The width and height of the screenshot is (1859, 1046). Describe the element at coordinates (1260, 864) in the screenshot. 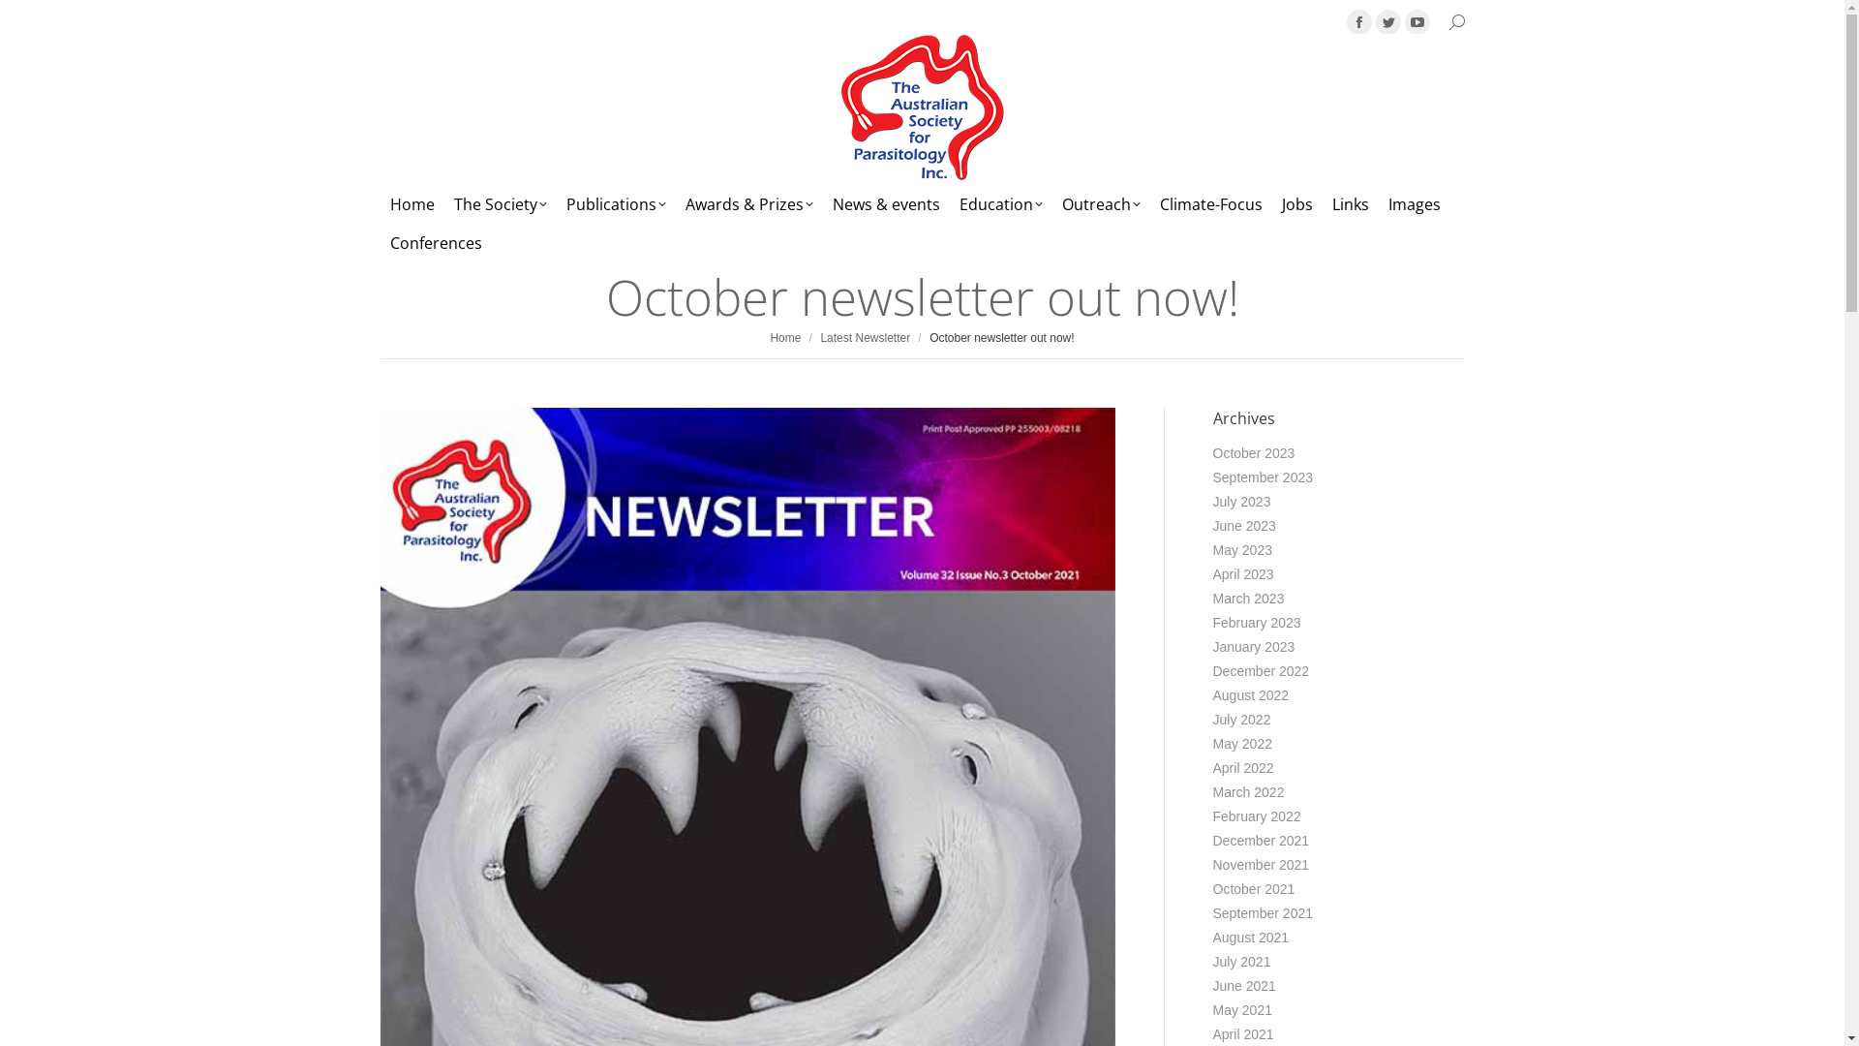

I see `'November 2021'` at that location.